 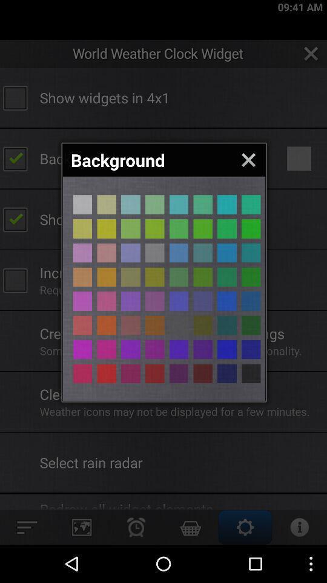 I want to click on colour, so click(x=203, y=228).